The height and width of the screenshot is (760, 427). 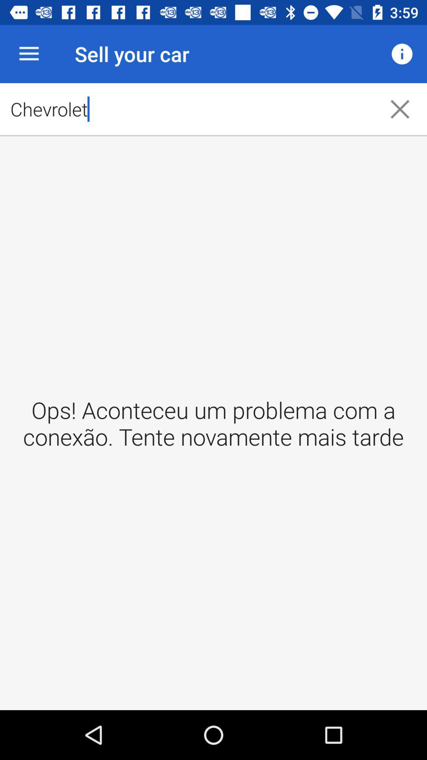 I want to click on the item next to sell your car item, so click(x=28, y=53).